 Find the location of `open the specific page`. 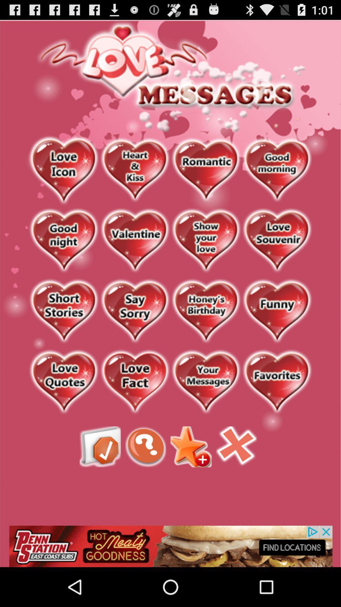

open the specific page is located at coordinates (64, 170).